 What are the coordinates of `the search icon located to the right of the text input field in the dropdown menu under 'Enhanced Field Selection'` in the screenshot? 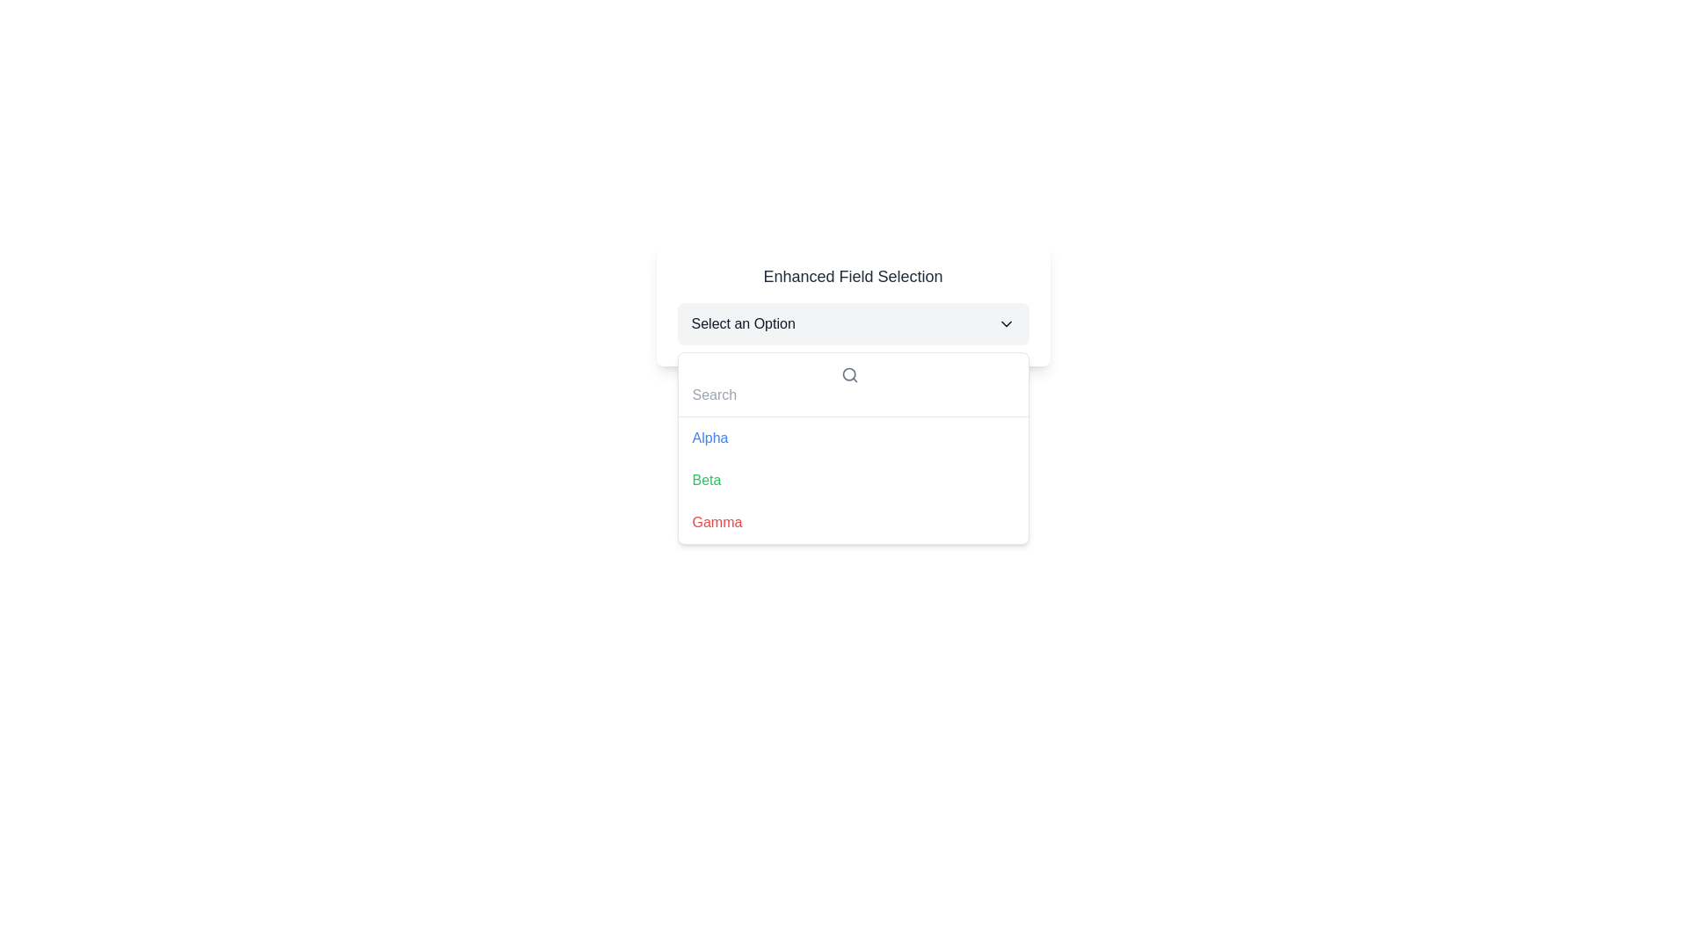 It's located at (853, 384).